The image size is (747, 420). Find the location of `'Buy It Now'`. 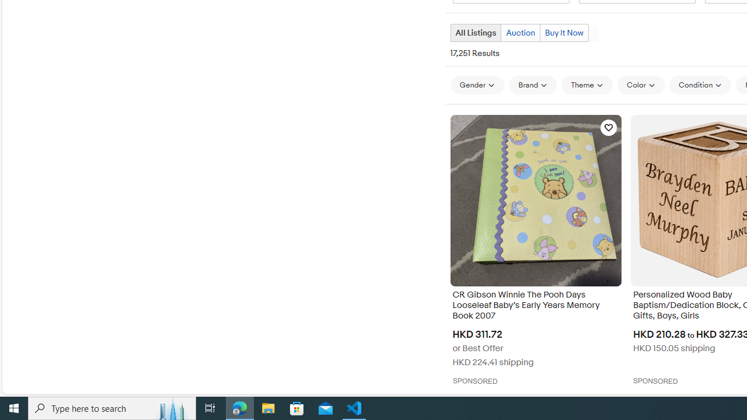

'Buy It Now' is located at coordinates (564, 32).